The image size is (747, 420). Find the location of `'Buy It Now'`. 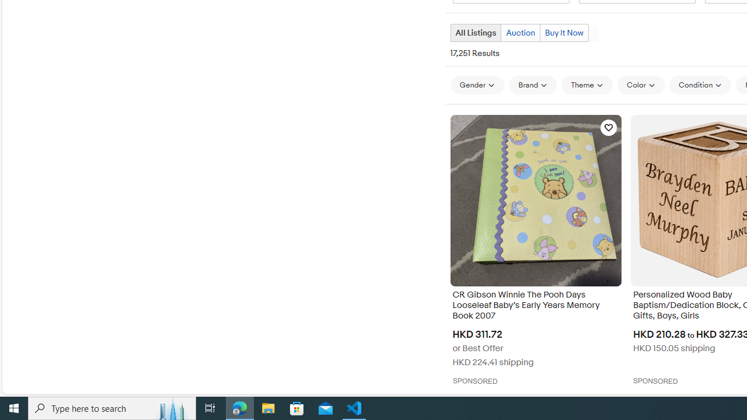

'Buy It Now' is located at coordinates (564, 32).